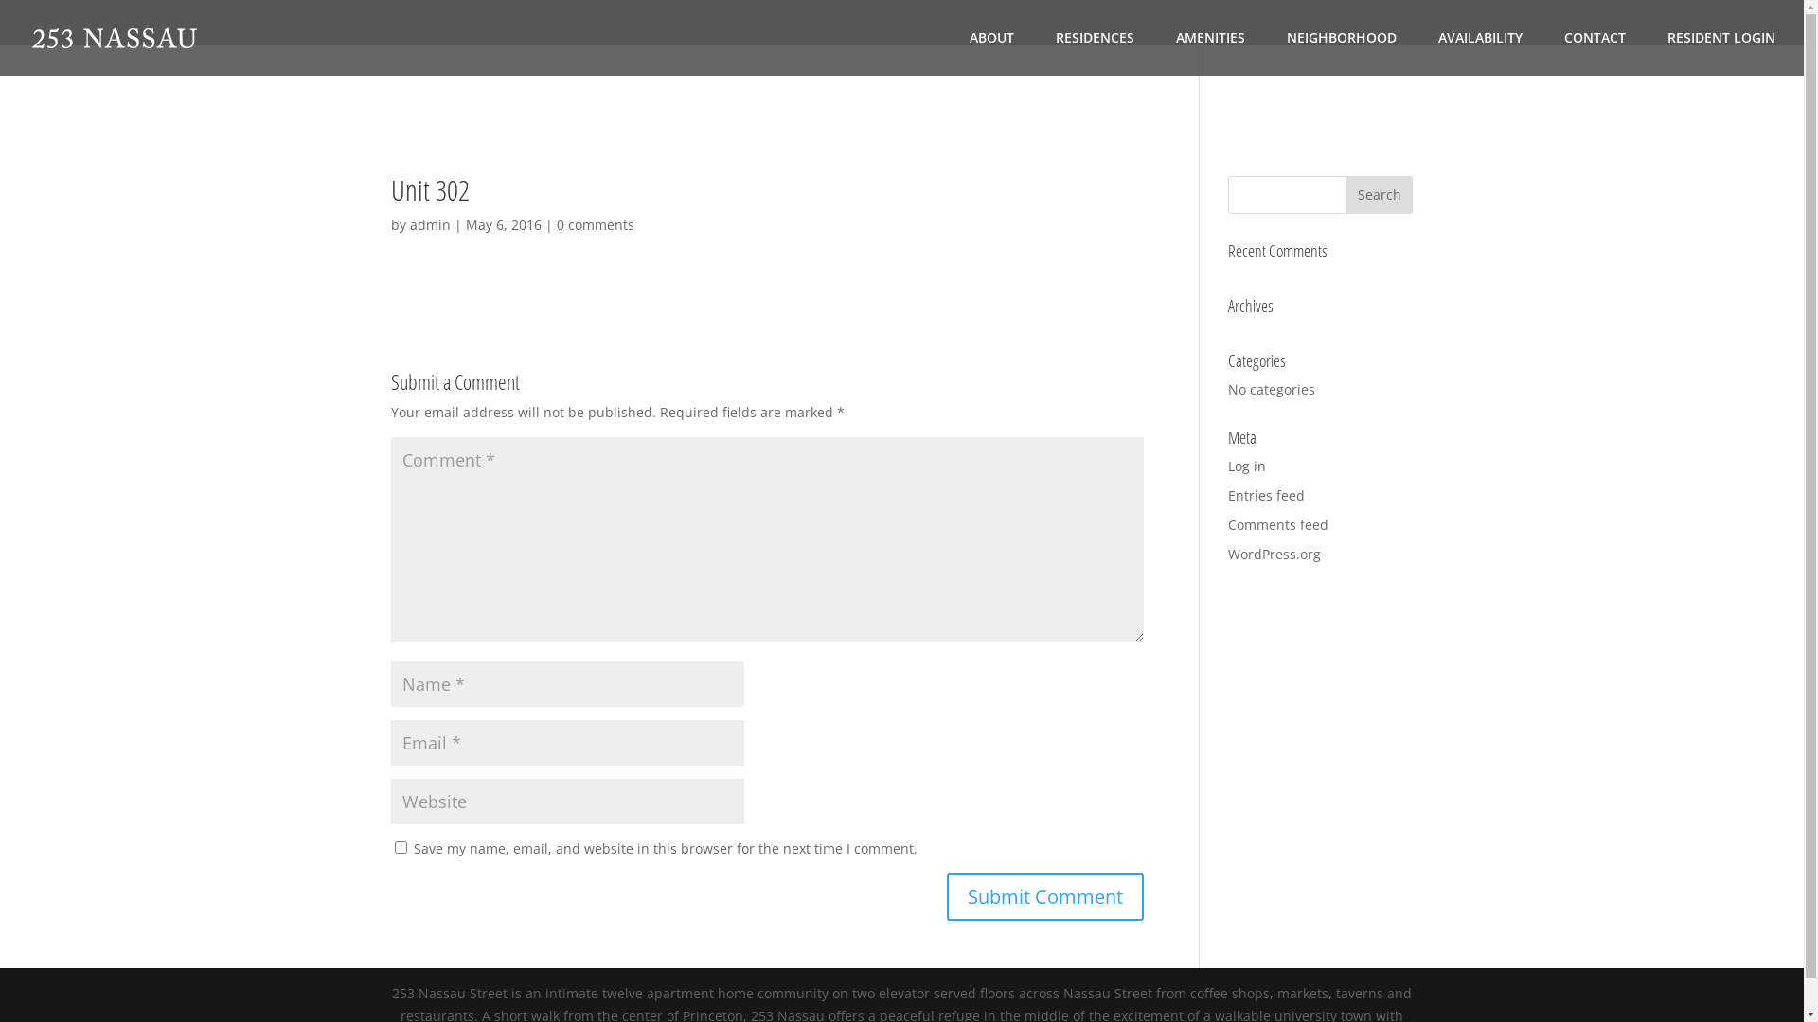 This screenshot has height=1022, width=1818. What do you see at coordinates (1044, 896) in the screenshot?
I see `'Submit Comment'` at bounding box center [1044, 896].